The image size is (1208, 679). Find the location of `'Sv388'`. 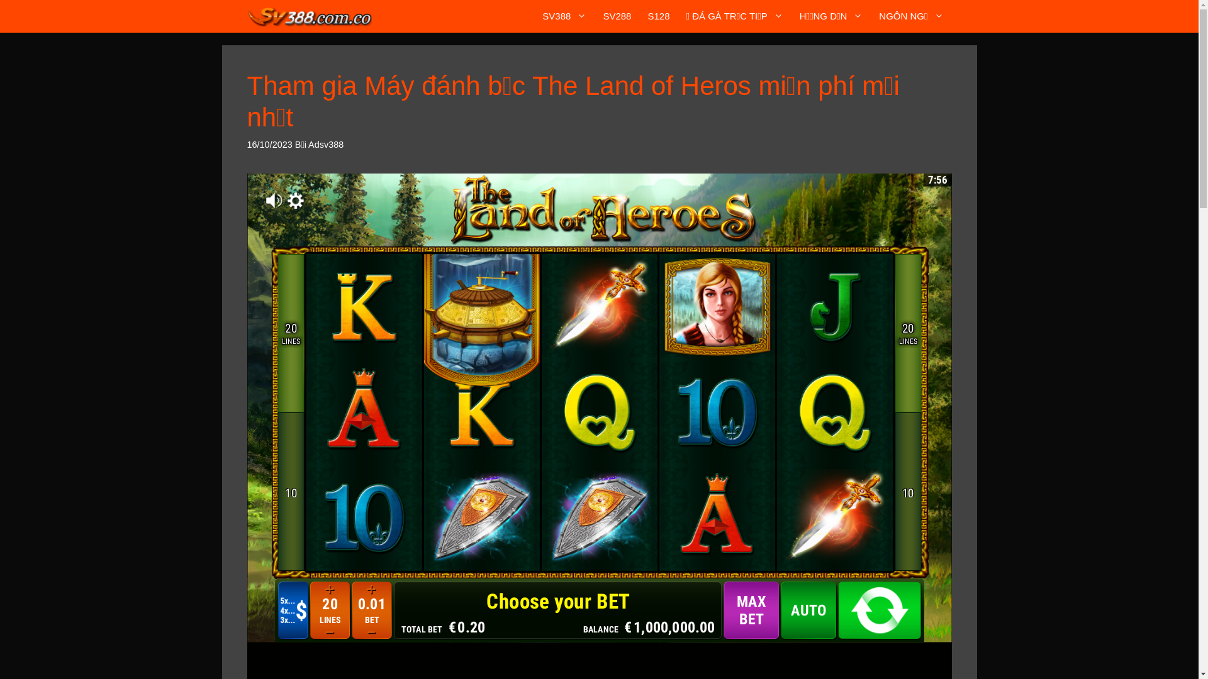

'Sv388' is located at coordinates (309, 16).